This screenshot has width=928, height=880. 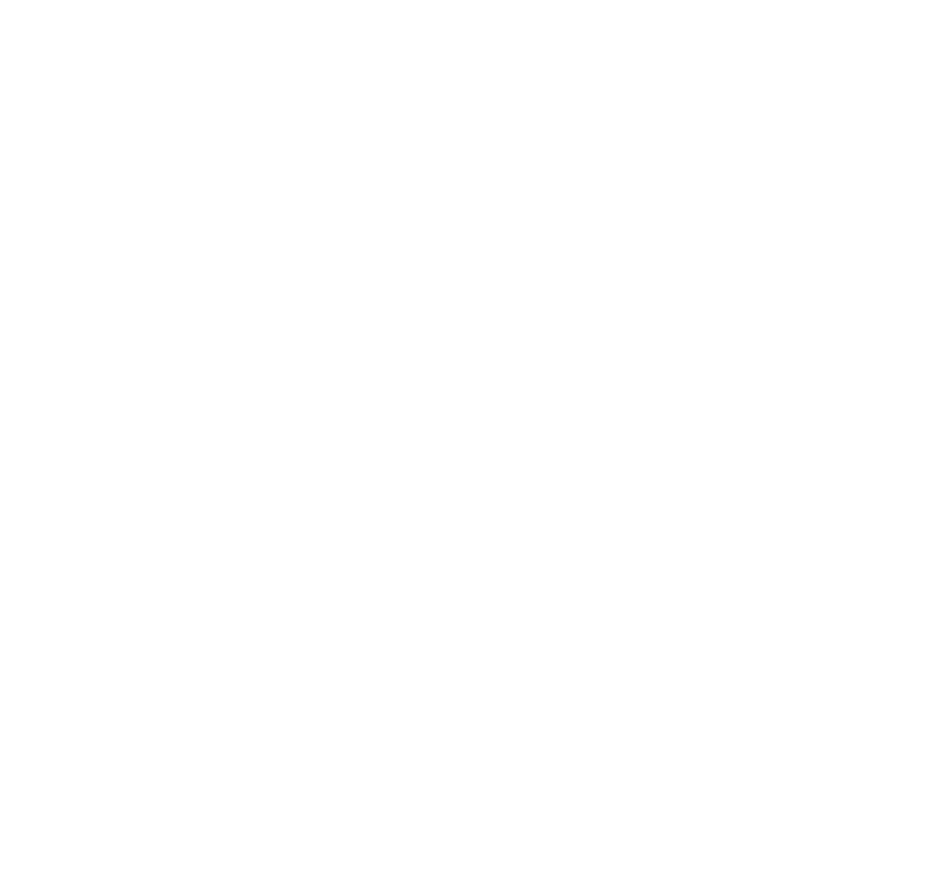 I want to click on 'Tags', so click(x=594, y=753).